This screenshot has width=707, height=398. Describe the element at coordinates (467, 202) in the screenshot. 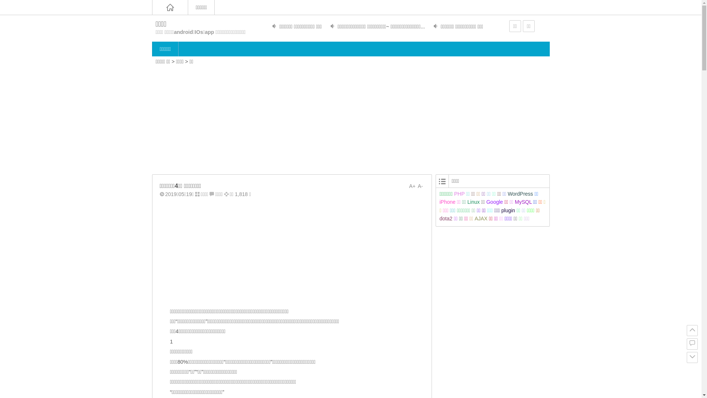

I see `'Linux'` at that location.